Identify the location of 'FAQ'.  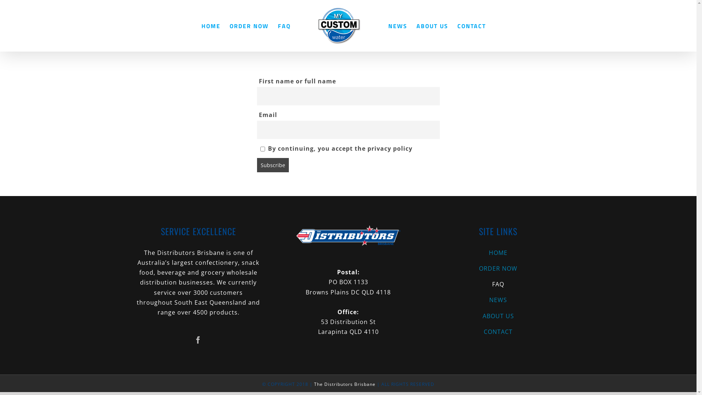
(284, 25).